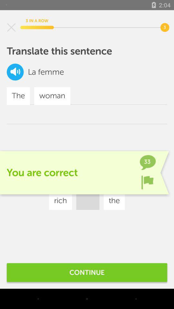 The width and height of the screenshot is (174, 309). What do you see at coordinates (121, 182) in the screenshot?
I see `the item next to the eats item` at bounding box center [121, 182].